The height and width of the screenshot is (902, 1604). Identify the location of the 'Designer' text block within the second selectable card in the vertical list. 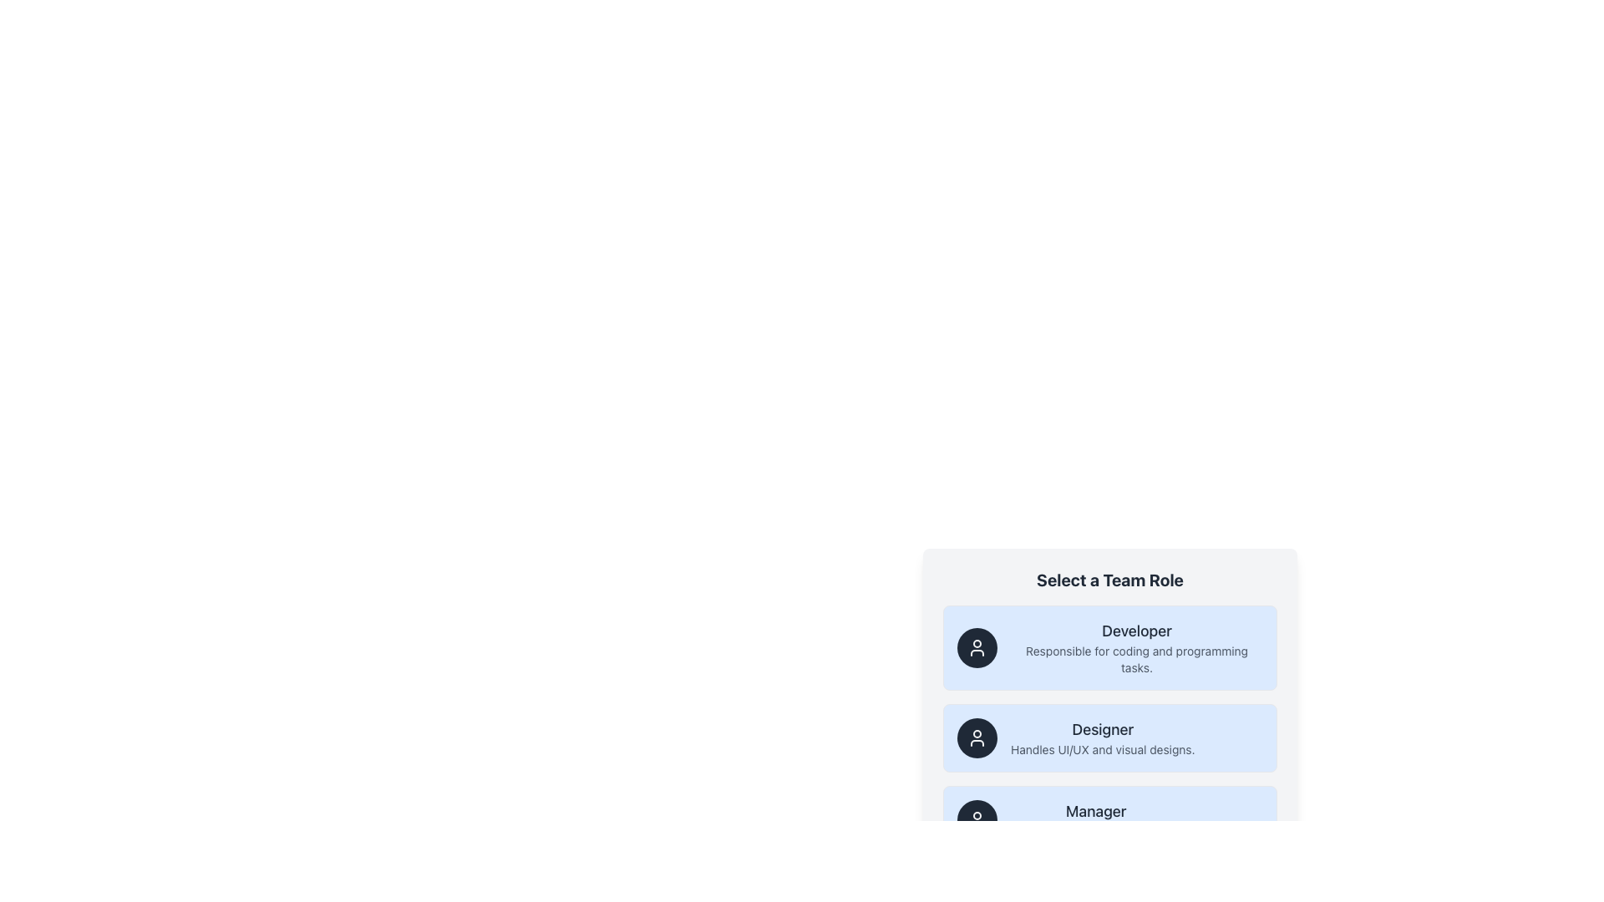
(1103, 737).